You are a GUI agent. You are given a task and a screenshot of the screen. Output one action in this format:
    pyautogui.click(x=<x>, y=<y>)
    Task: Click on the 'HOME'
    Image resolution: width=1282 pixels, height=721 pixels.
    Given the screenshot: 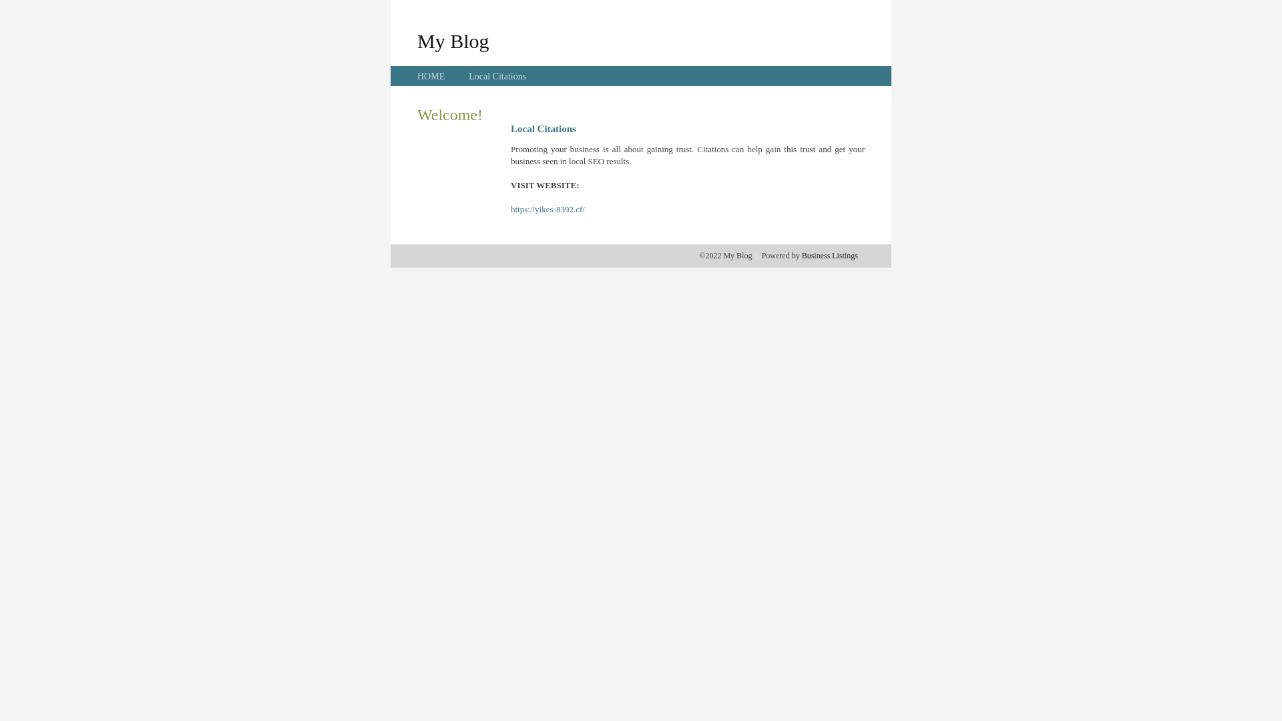 What is the action you would take?
    pyautogui.click(x=431, y=76)
    